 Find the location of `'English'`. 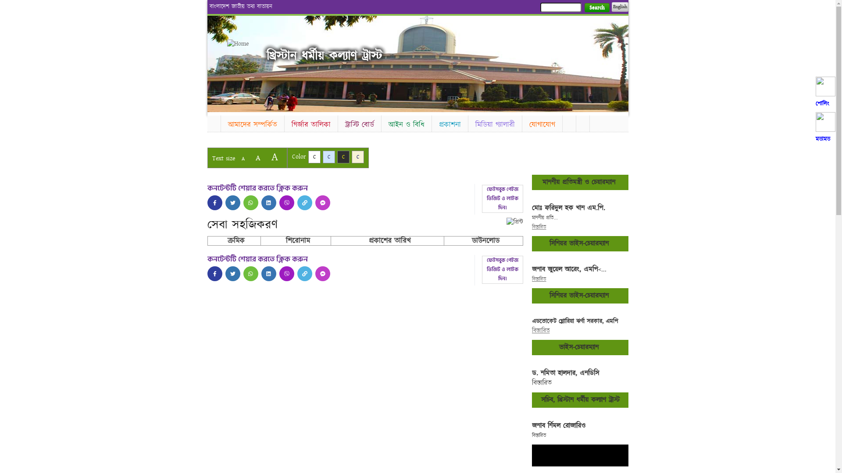

'English' is located at coordinates (619, 7).